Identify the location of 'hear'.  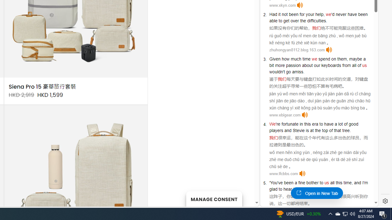
(287, 189).